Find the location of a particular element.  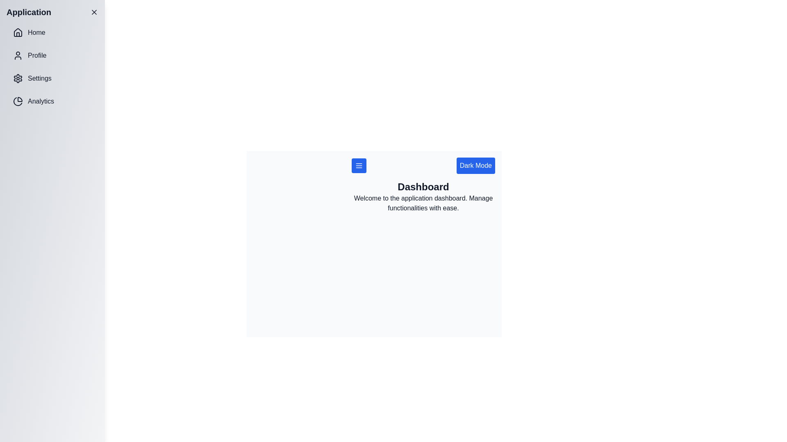

the hamburger icon with a blue background and white lines located at the top-left corner of the central panel is located at coordinates (359, 166).